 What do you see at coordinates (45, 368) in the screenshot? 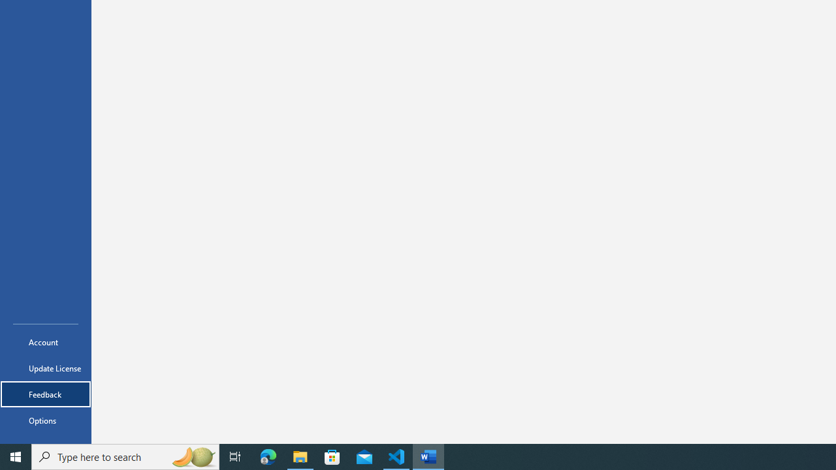
I see `'Update License'` at bounding box center [45, 368].